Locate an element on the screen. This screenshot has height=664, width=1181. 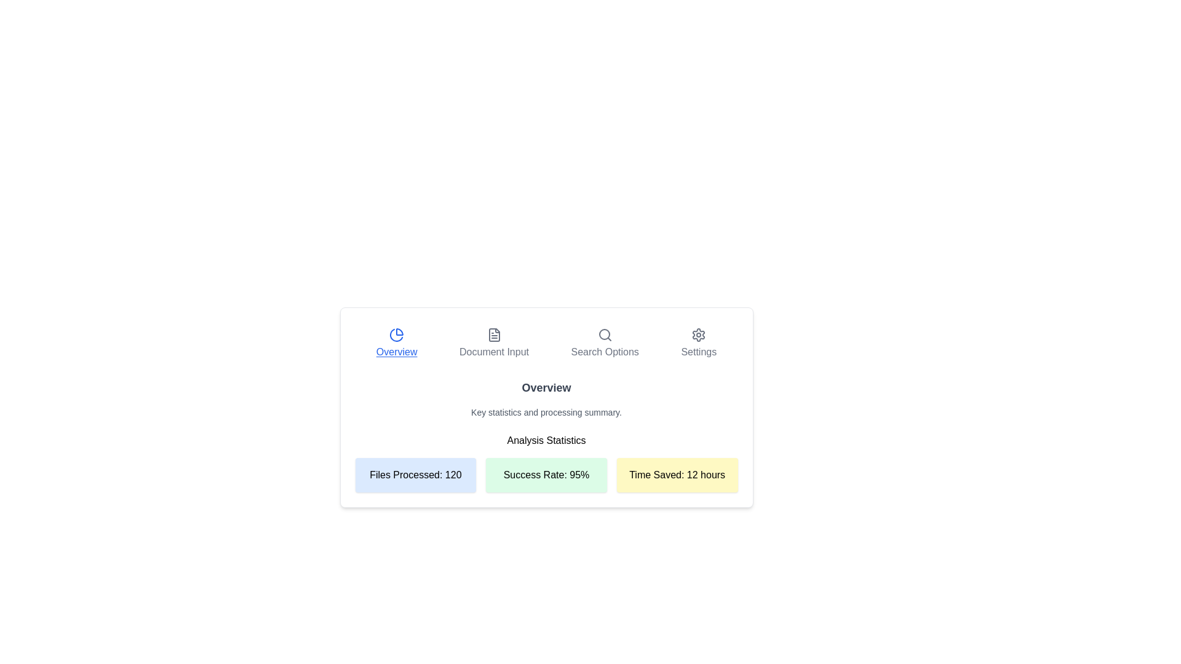
the decorative circle within the search icon, which is part of a larger magnifying glass design located at the center of the navigation panel is located at coordinates (604, 334).